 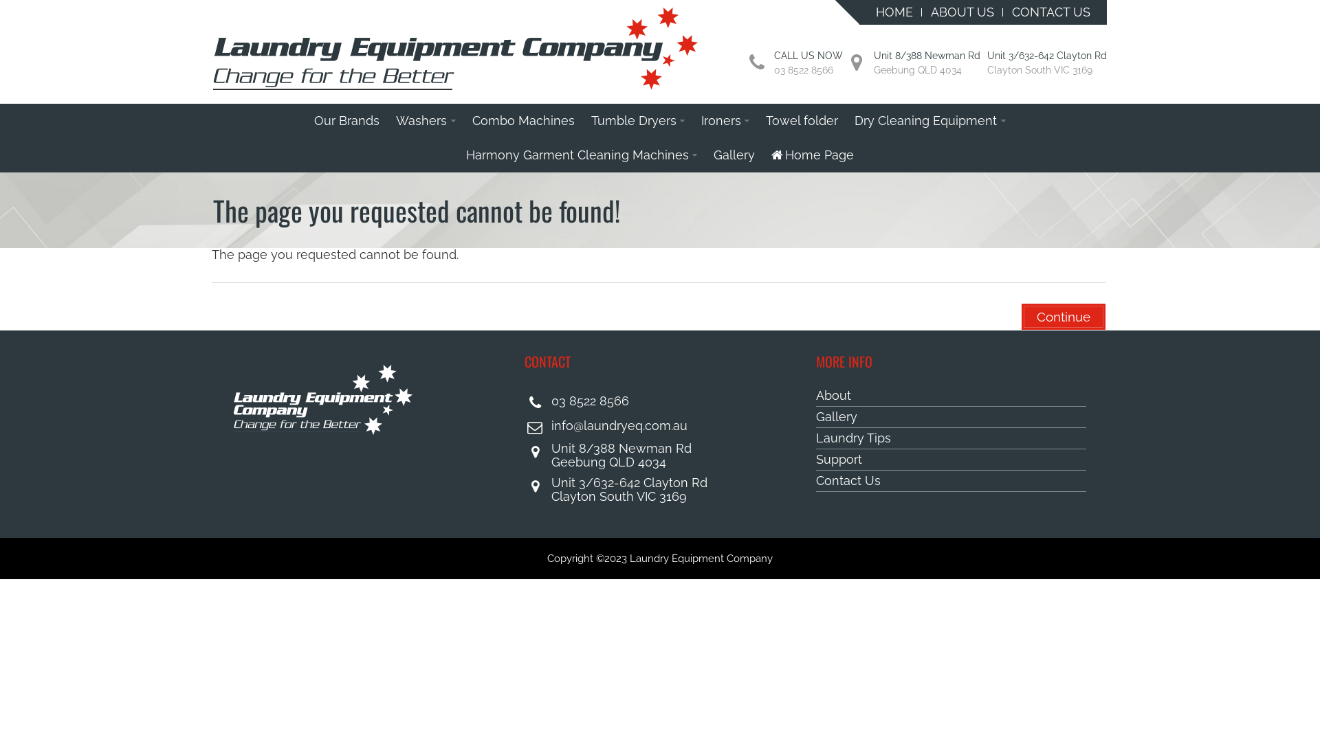 I want to click on 'Ironers', so click(x=693, y=120).